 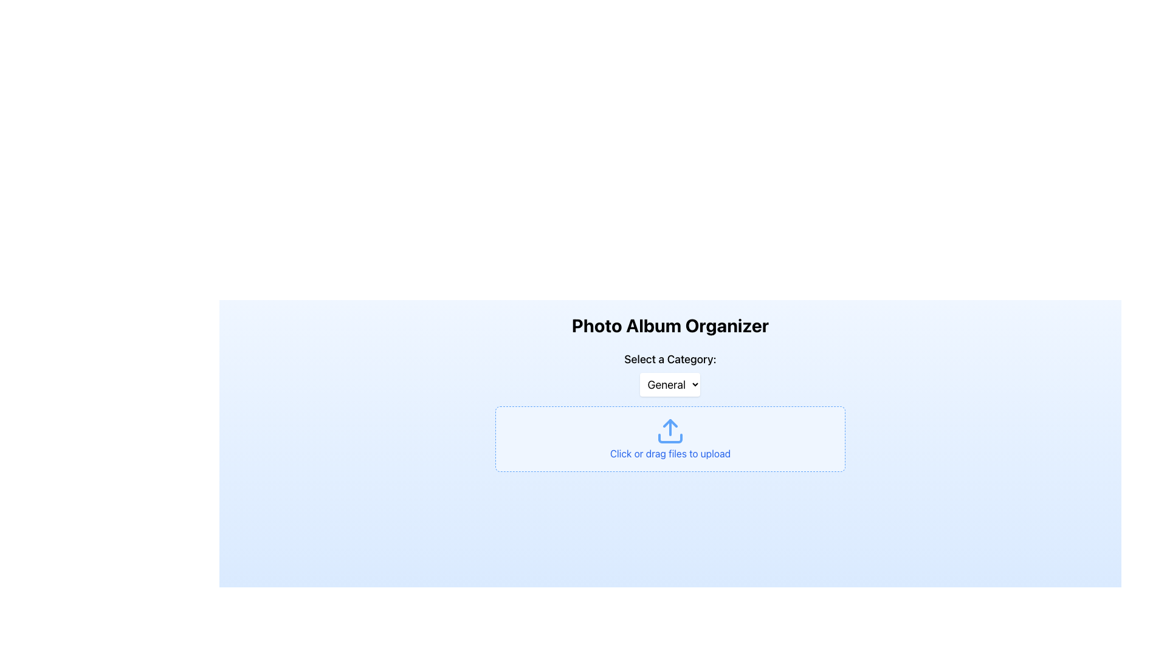 What do you see at coordinates (670, 439) in the screenshot?
I see `files onto the blue rectangular File Upload Area with dashed borders, which has the text 'Click or drag files` at bounding box center [670, 439].